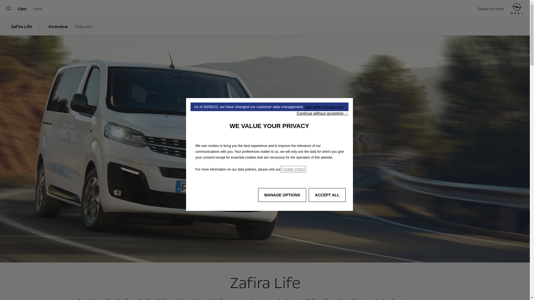 This screenshot has height=300, width=534. Describe the element at coordinates (58, 27) in the screenshot. I see `'Overview'` at that location.